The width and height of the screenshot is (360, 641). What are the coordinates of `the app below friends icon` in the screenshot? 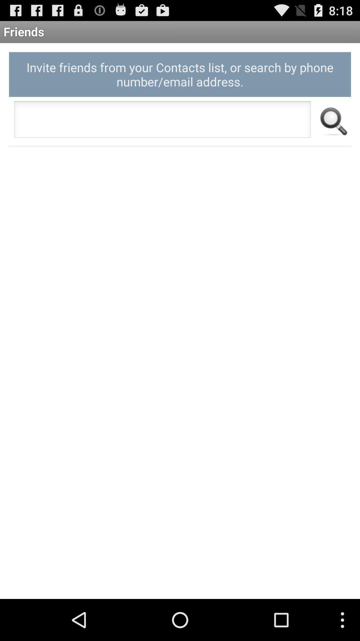 It's located at (180, 74).